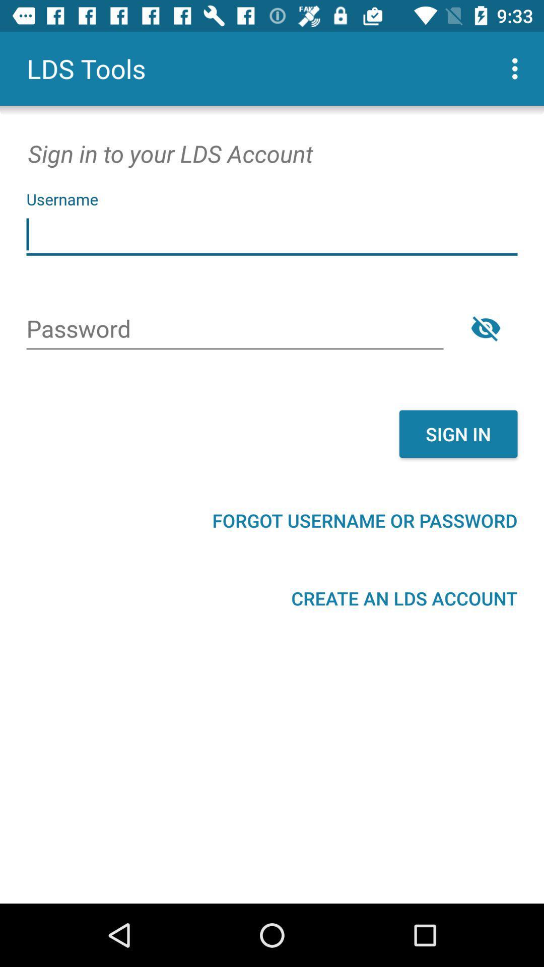 Image resolution: width=544 pixels, height=967 pixels. Describe the element at coordinates (272, 234) in the screenshot. I see `username` at that location.